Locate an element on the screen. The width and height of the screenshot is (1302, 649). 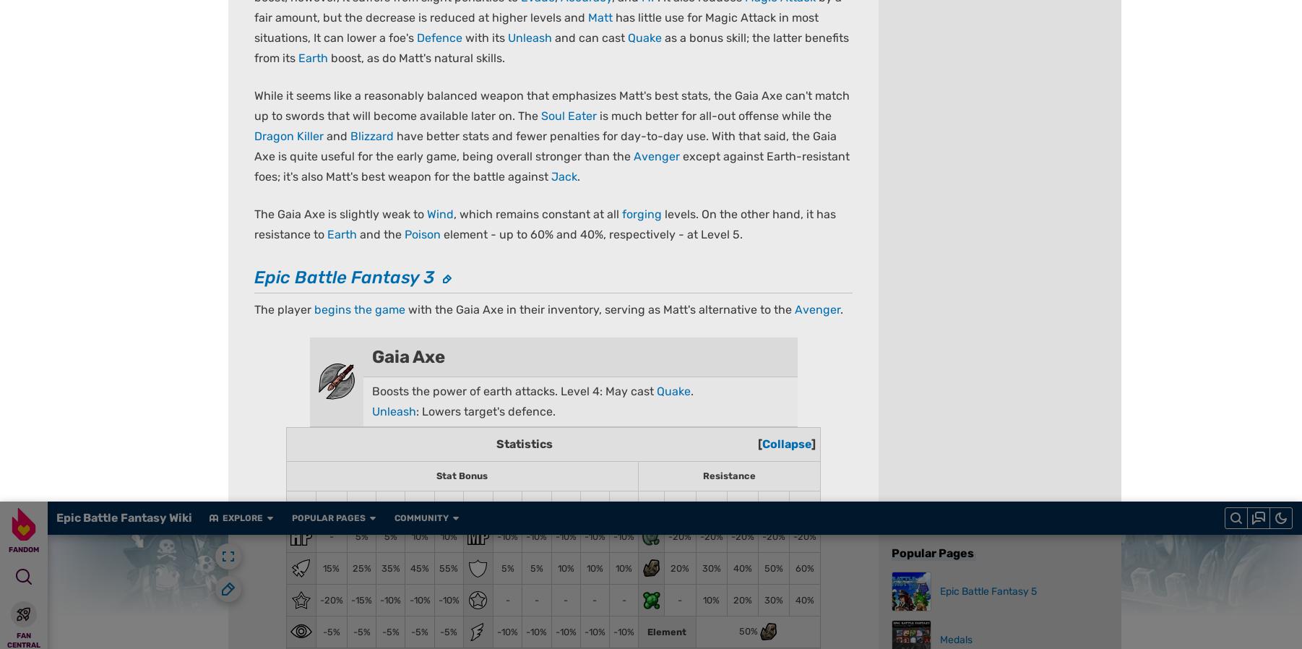
'Privacy Policy' is located at coordinates (533, 640).